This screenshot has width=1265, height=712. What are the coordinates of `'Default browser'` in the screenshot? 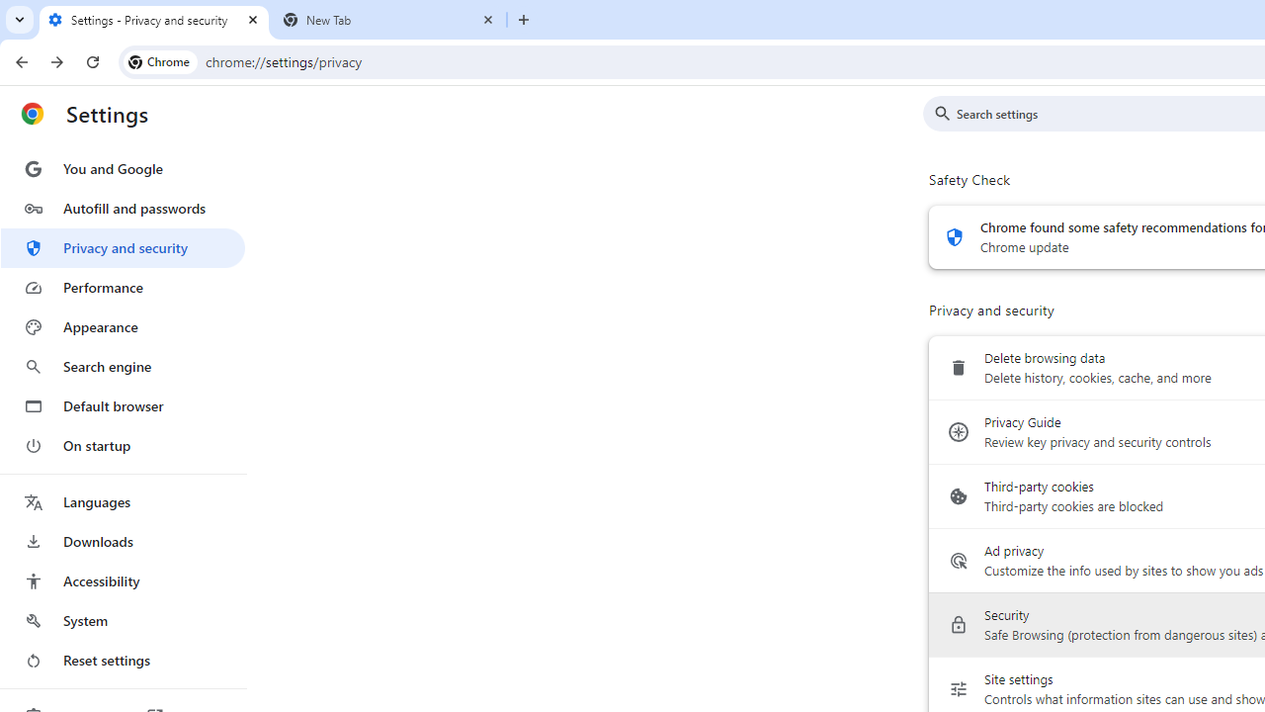 It's located at (122, 405).